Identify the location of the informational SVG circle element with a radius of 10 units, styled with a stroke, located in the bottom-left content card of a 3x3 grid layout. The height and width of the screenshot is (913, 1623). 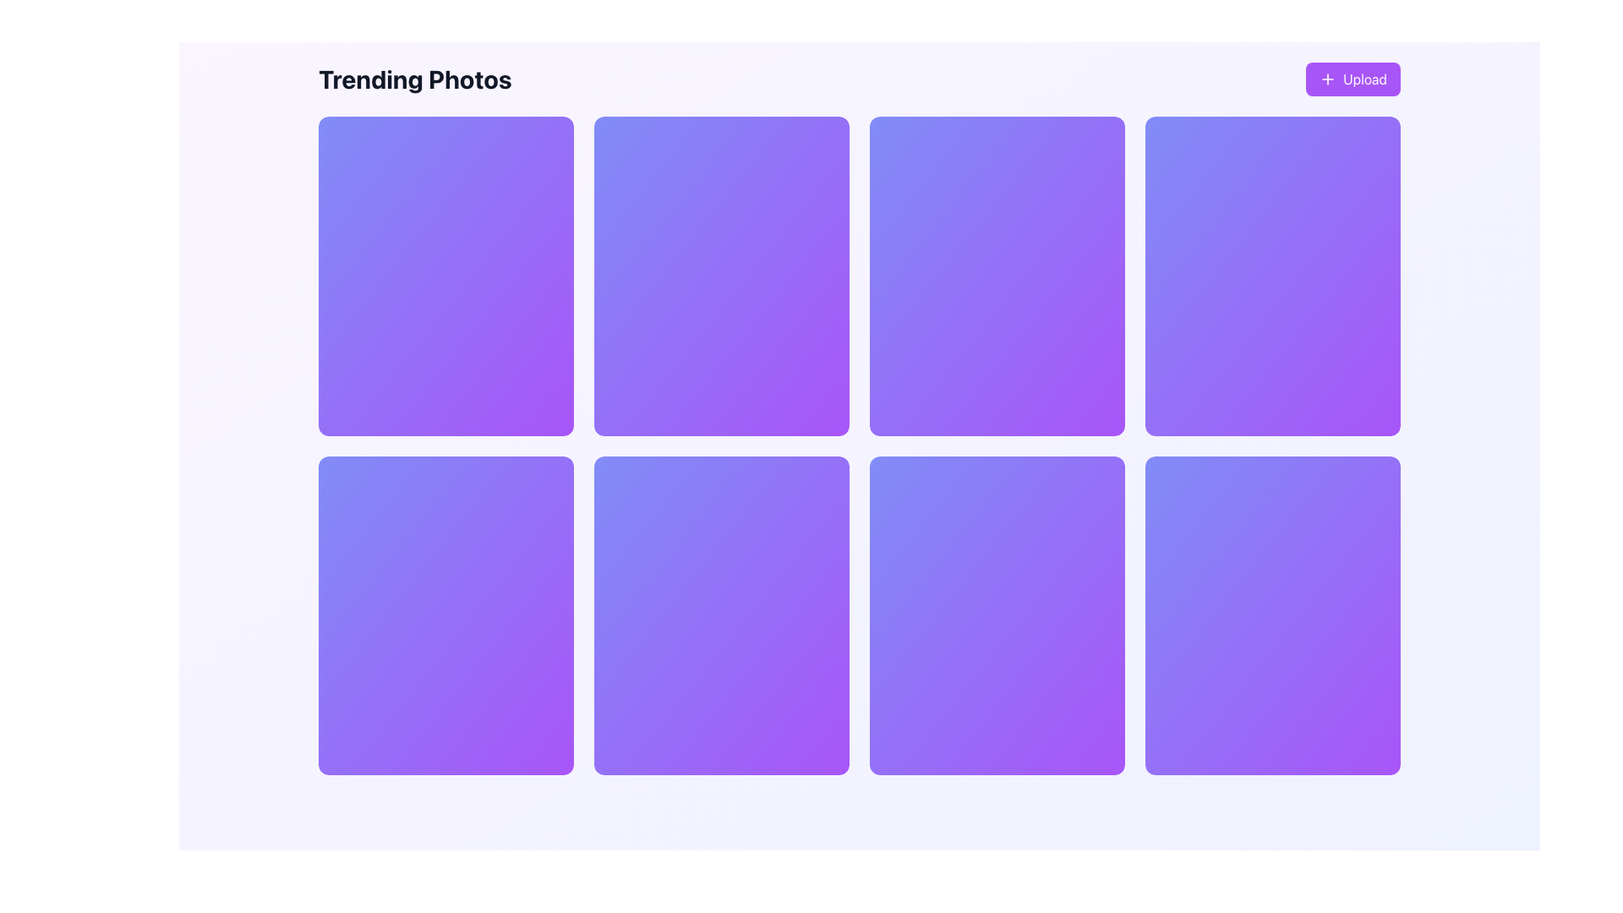
(547, 483).